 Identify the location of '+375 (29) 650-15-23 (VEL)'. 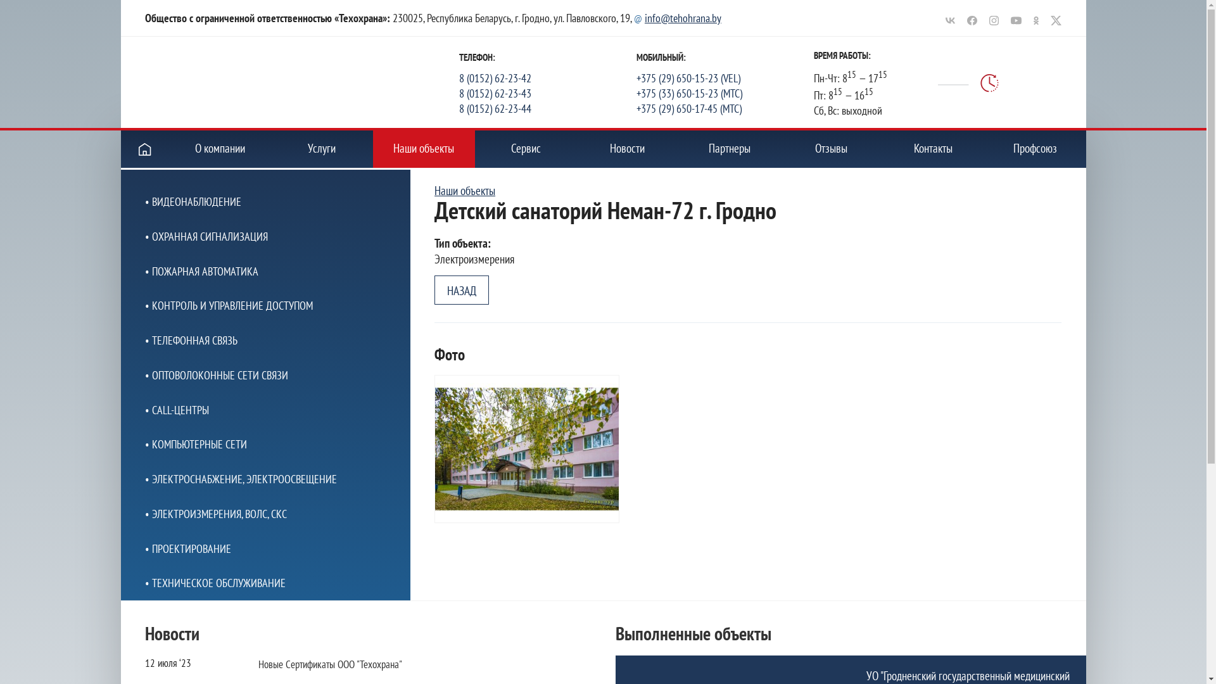
(725, 78).